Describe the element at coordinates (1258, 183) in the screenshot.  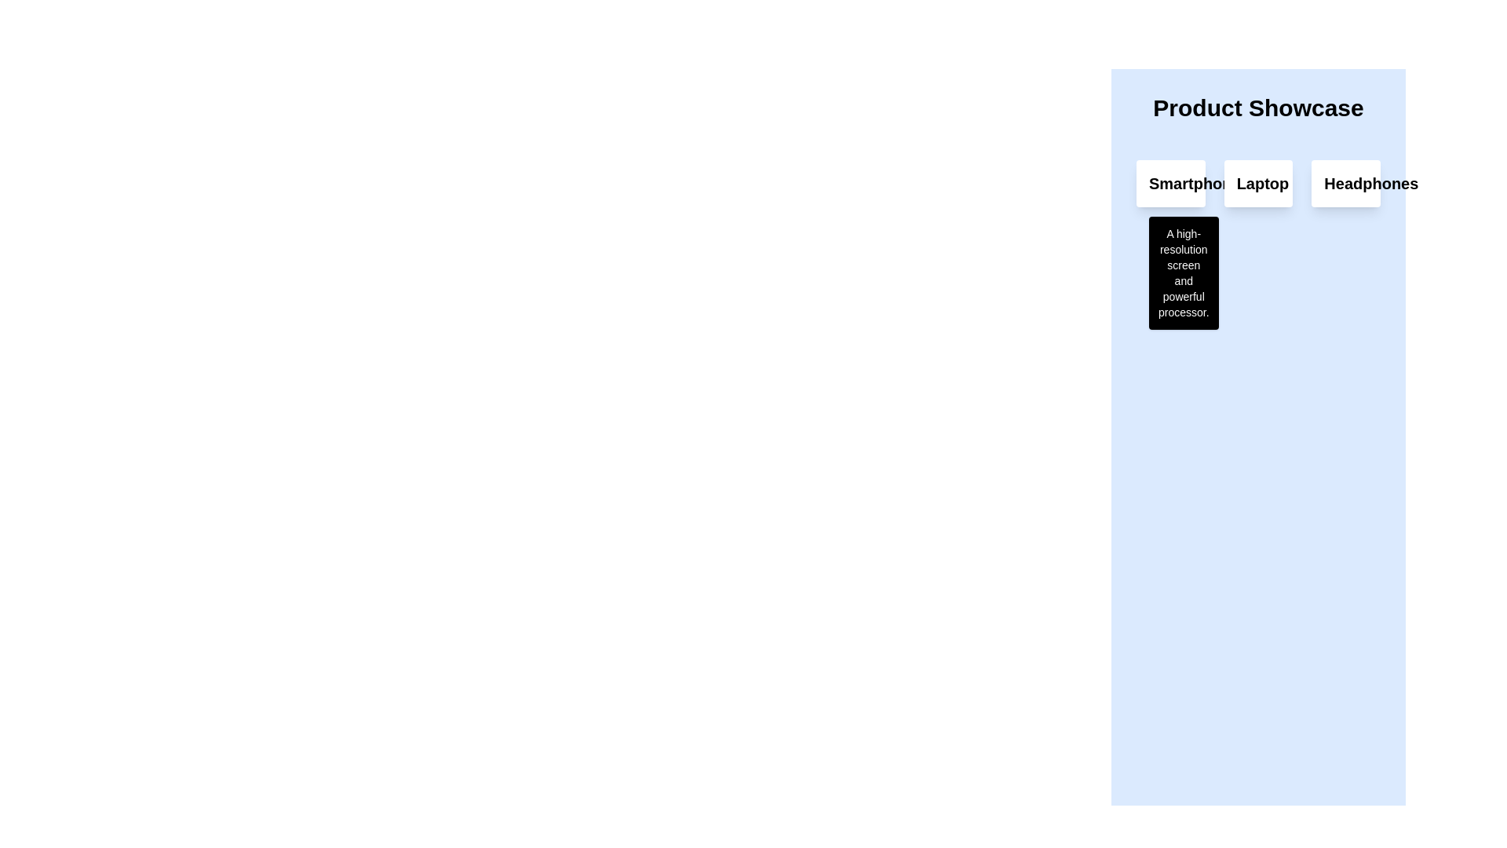
I see `the Text element representing the 'Laptop' product category, located in the second column of the Product Showcase grid` at that location.